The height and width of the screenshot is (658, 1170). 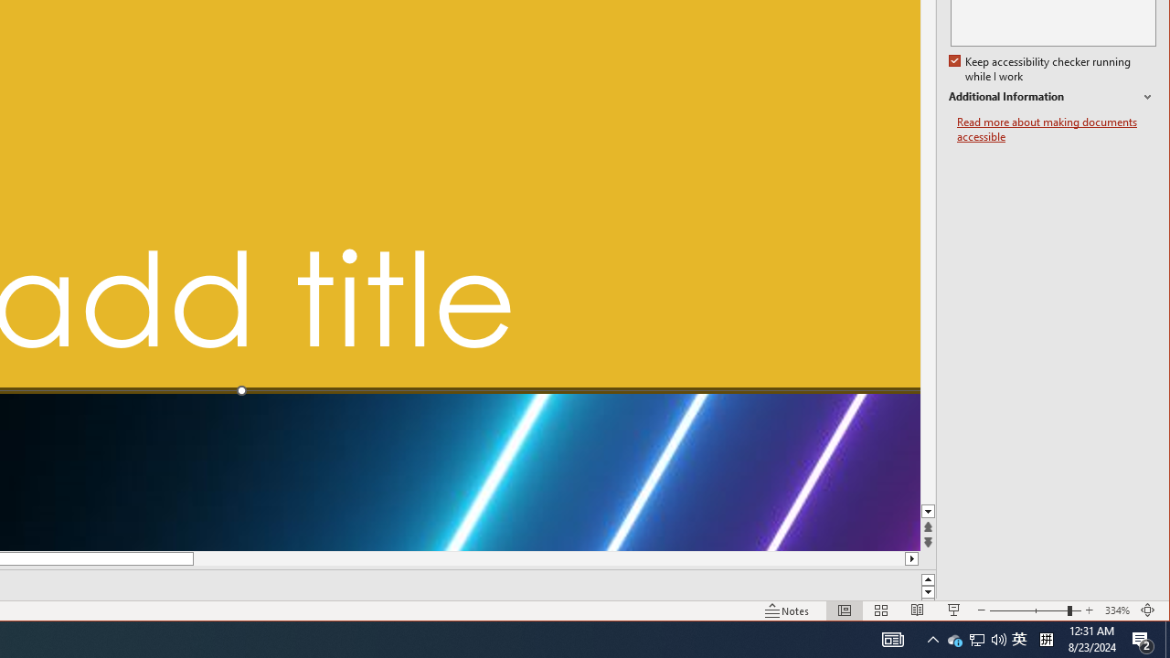 I want to click on 'Action Center, 2 new notifications', so click(x=1166, y=638).